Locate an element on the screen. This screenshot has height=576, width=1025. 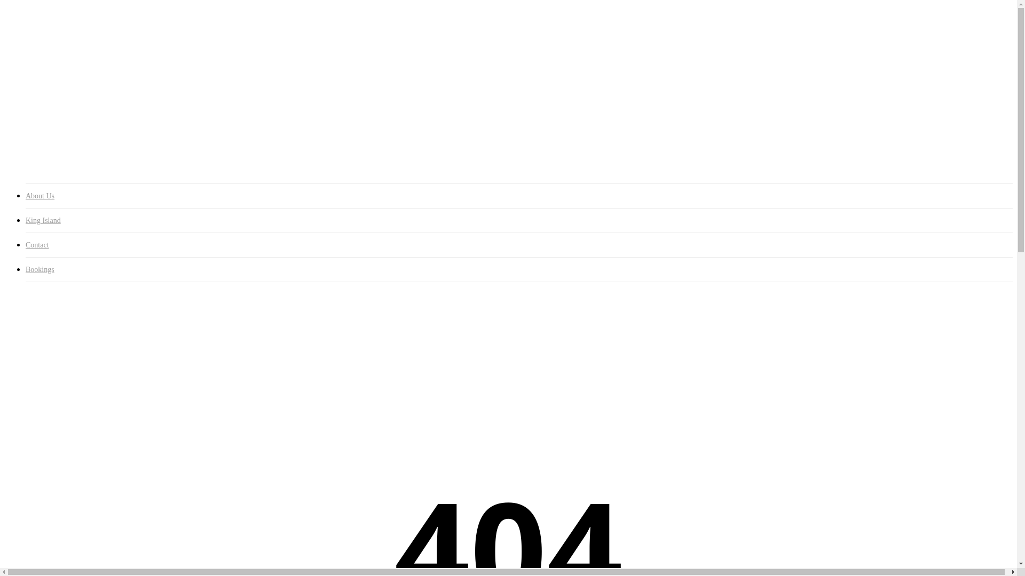
'Things to do' is located at coordinates (46, 142).